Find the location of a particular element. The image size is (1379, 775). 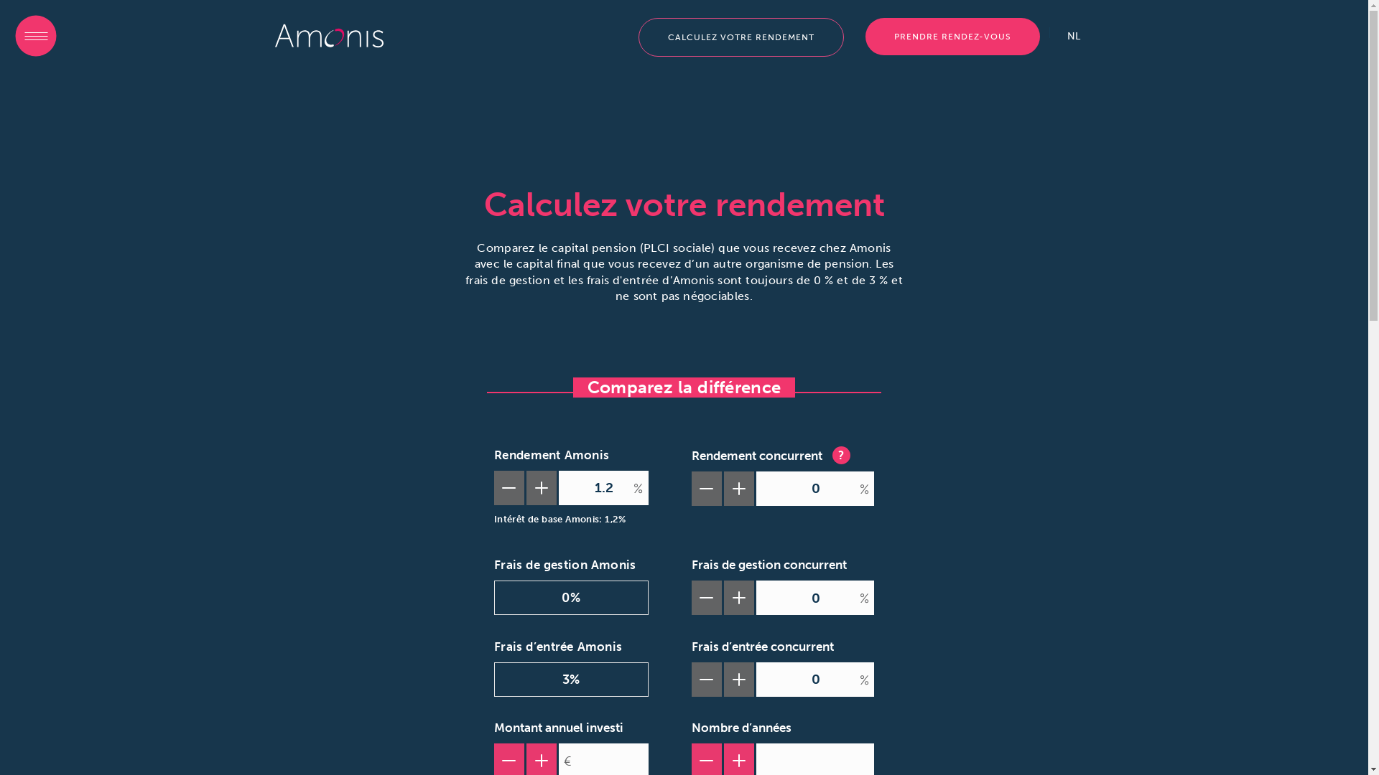

'PRENDRE RENDEZ-VOUS' is located at coordinates (952, 35).